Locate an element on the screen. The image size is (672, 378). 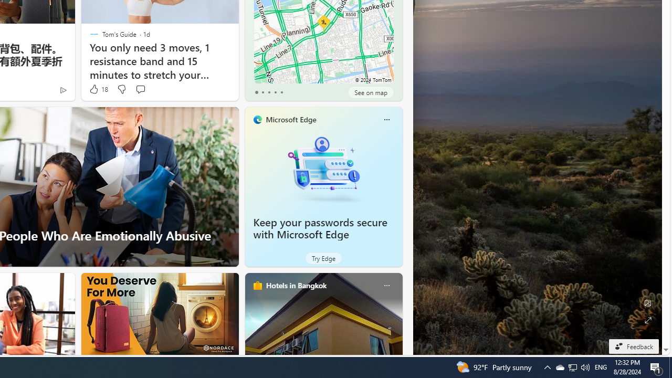
'18 Like' is located at coordinates (98, 89).